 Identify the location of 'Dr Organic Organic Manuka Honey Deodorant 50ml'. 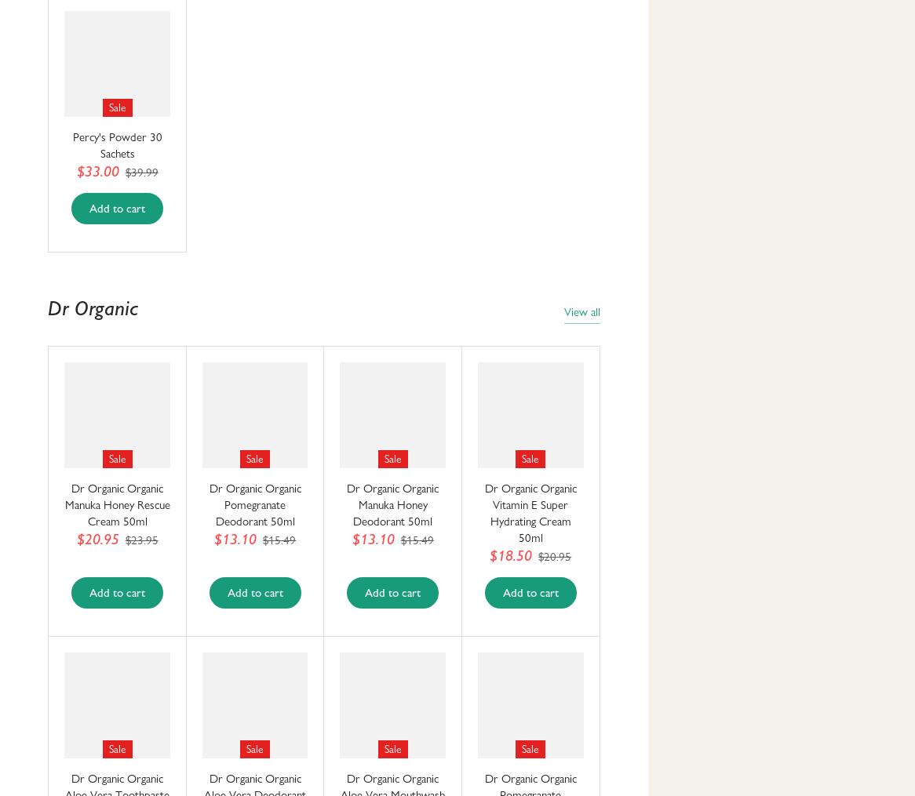
(392, 504).